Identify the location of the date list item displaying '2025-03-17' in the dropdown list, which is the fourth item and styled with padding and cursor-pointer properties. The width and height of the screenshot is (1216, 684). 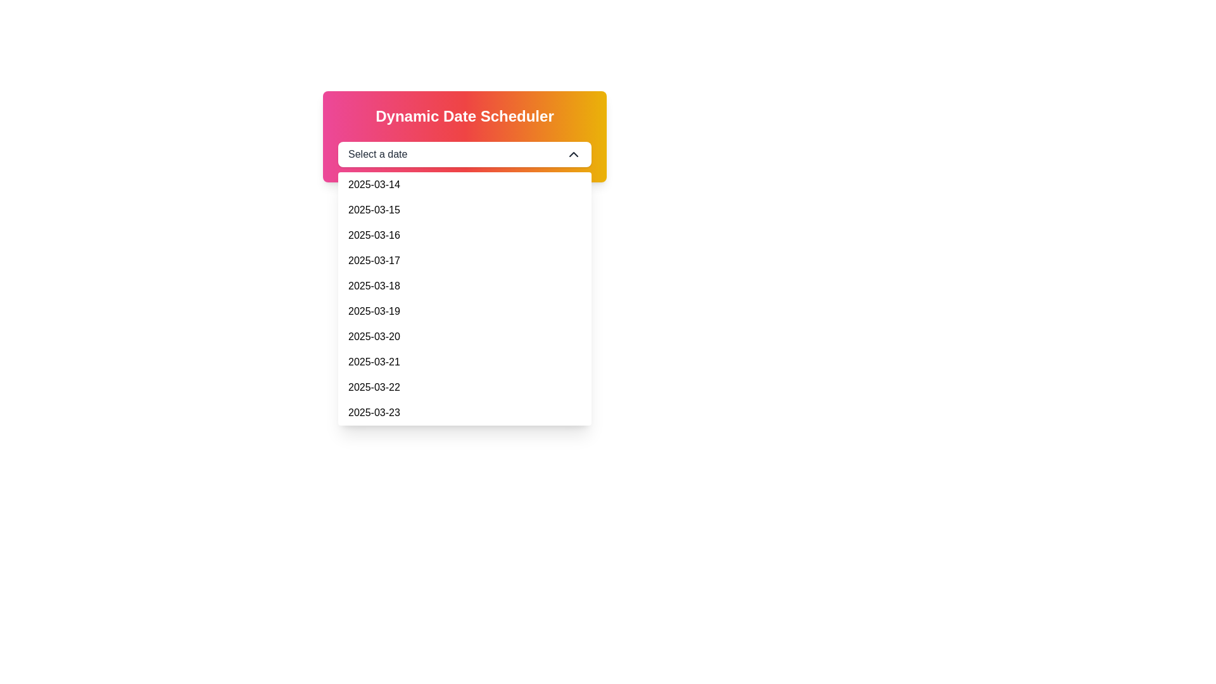
(464, 260).